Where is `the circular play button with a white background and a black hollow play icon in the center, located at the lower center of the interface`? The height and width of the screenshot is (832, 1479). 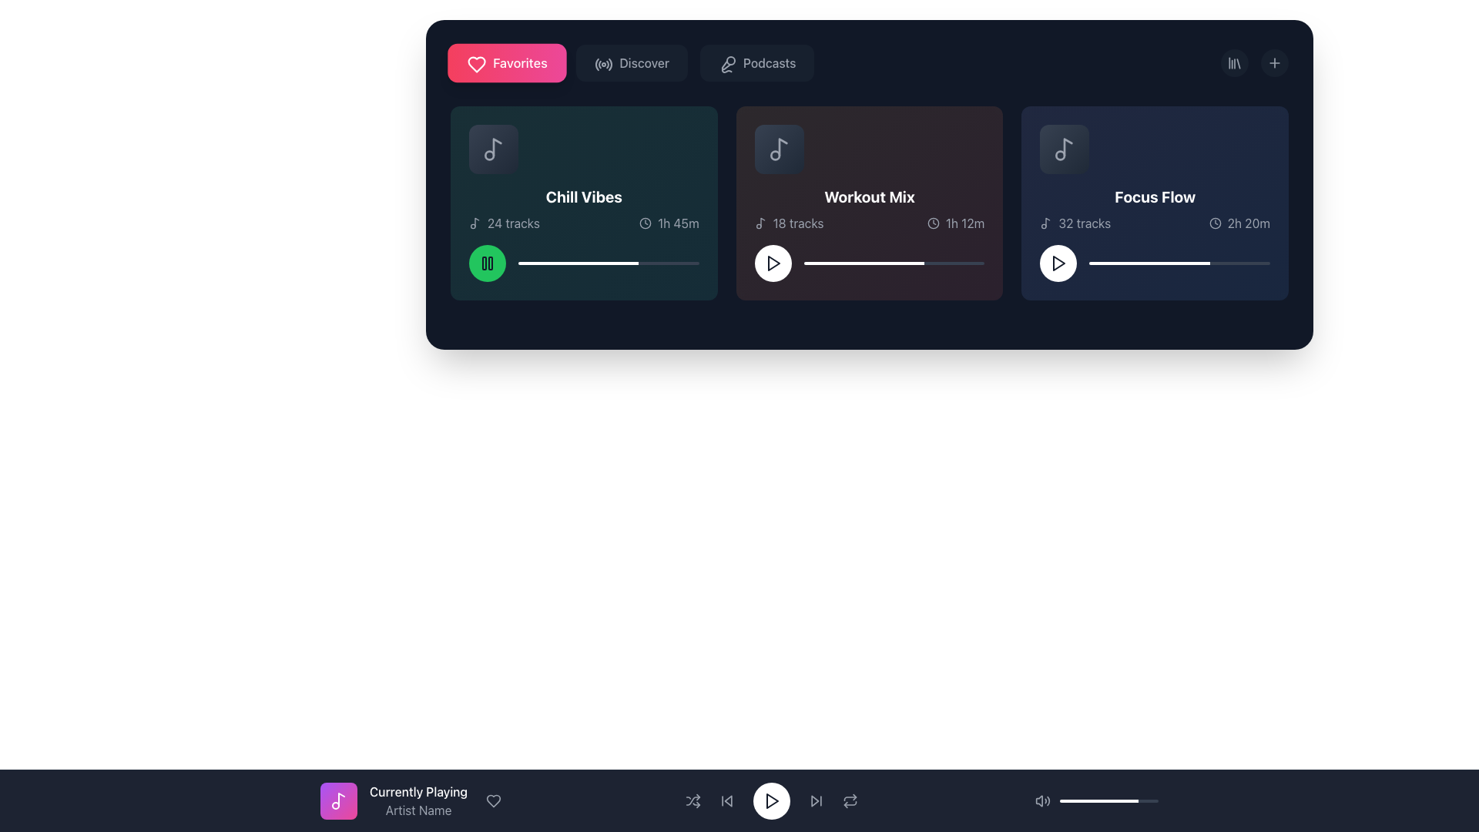 the circular play button with a white background and a black hollow play icon in the center, located at the lower center of the interface is located at coordinates (771, 800).